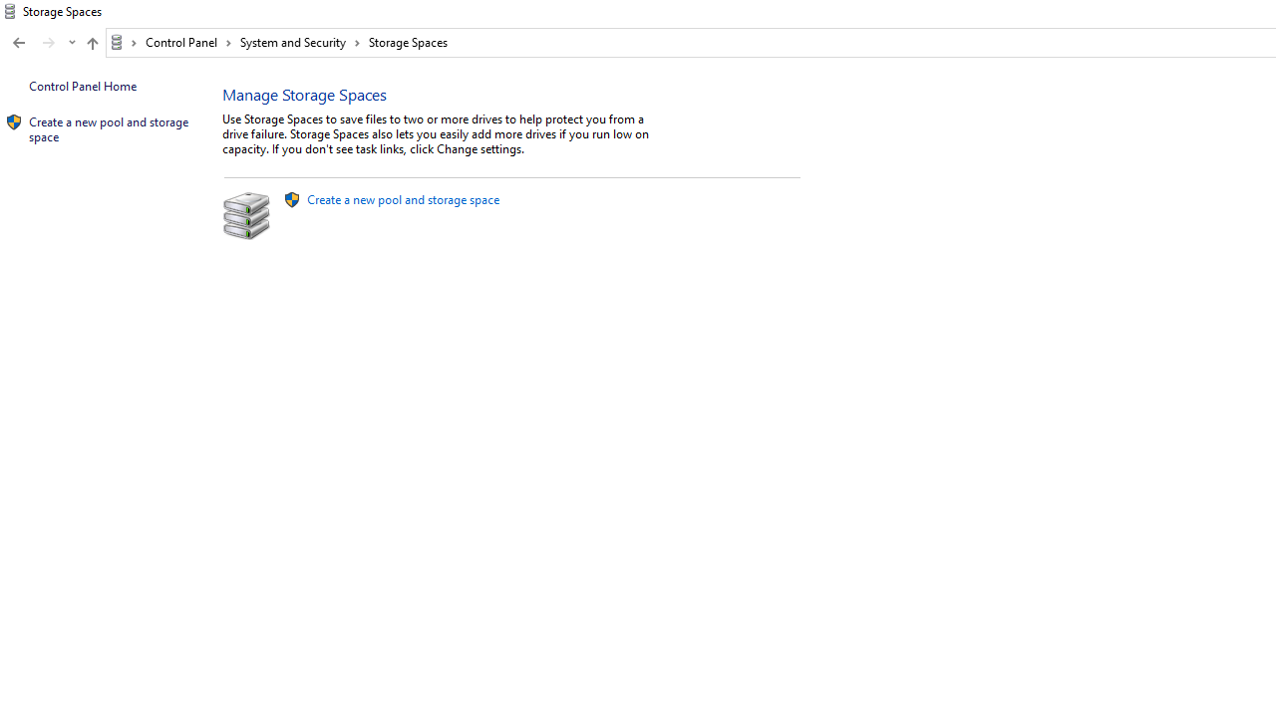 Image resolution: width=1276 pixels, height=717 pixels. What do you see at coordinates (42, 43) in the screenshot?
I see `'Navigation buttons'` at bounding box center [42, 43].